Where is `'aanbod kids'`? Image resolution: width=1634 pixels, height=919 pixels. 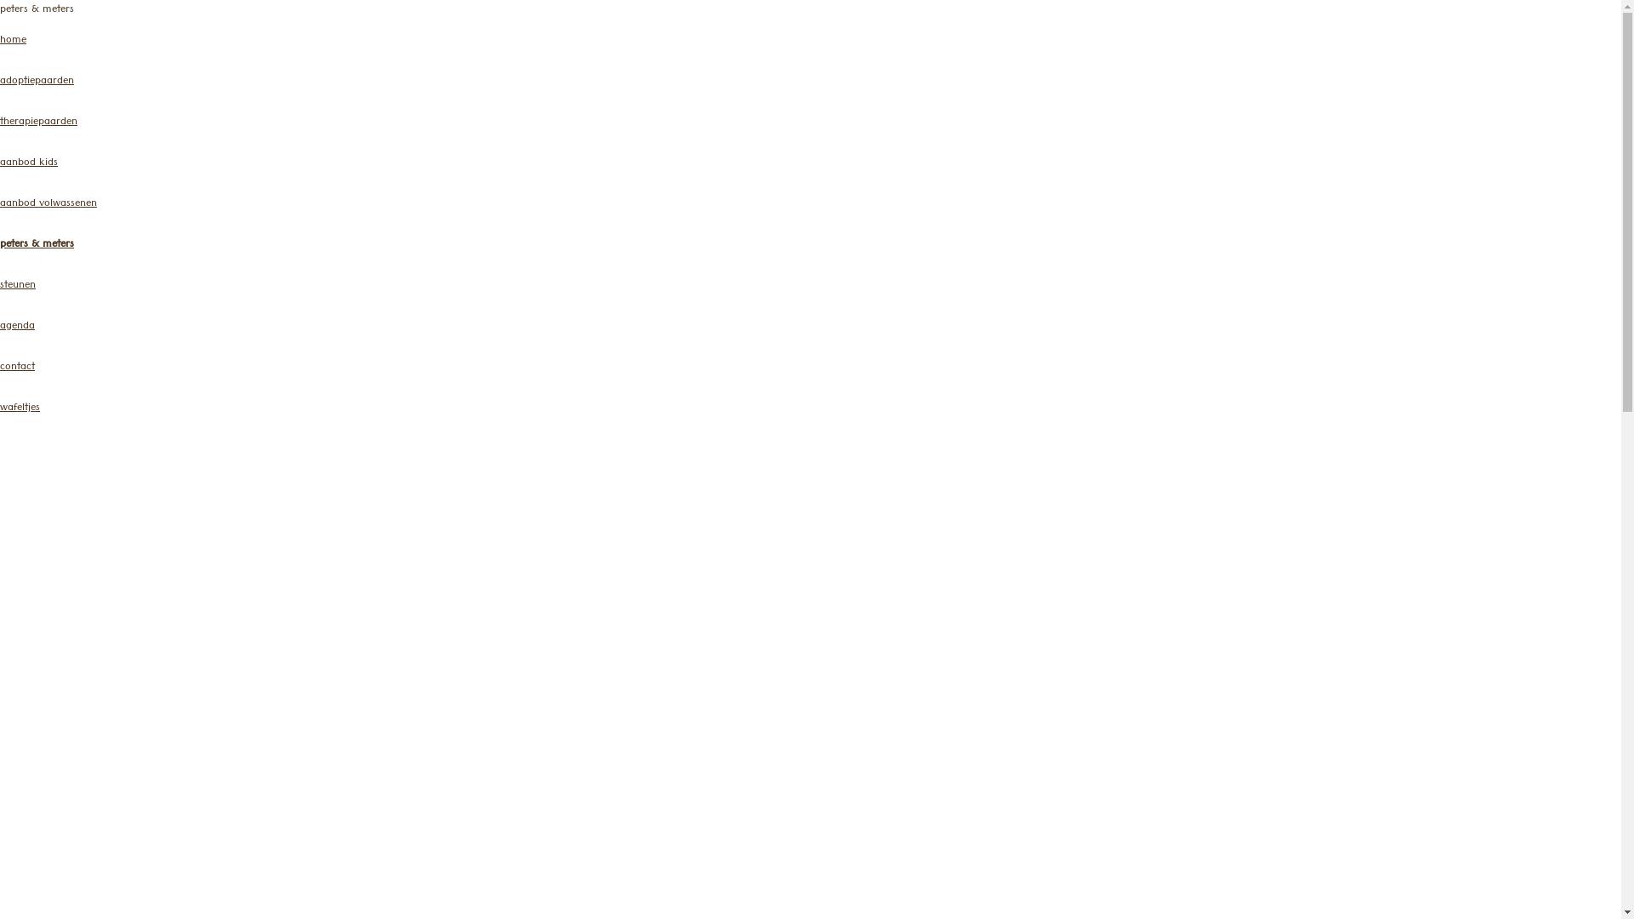 'aanbod kids' is located at coordinates (28, 163).